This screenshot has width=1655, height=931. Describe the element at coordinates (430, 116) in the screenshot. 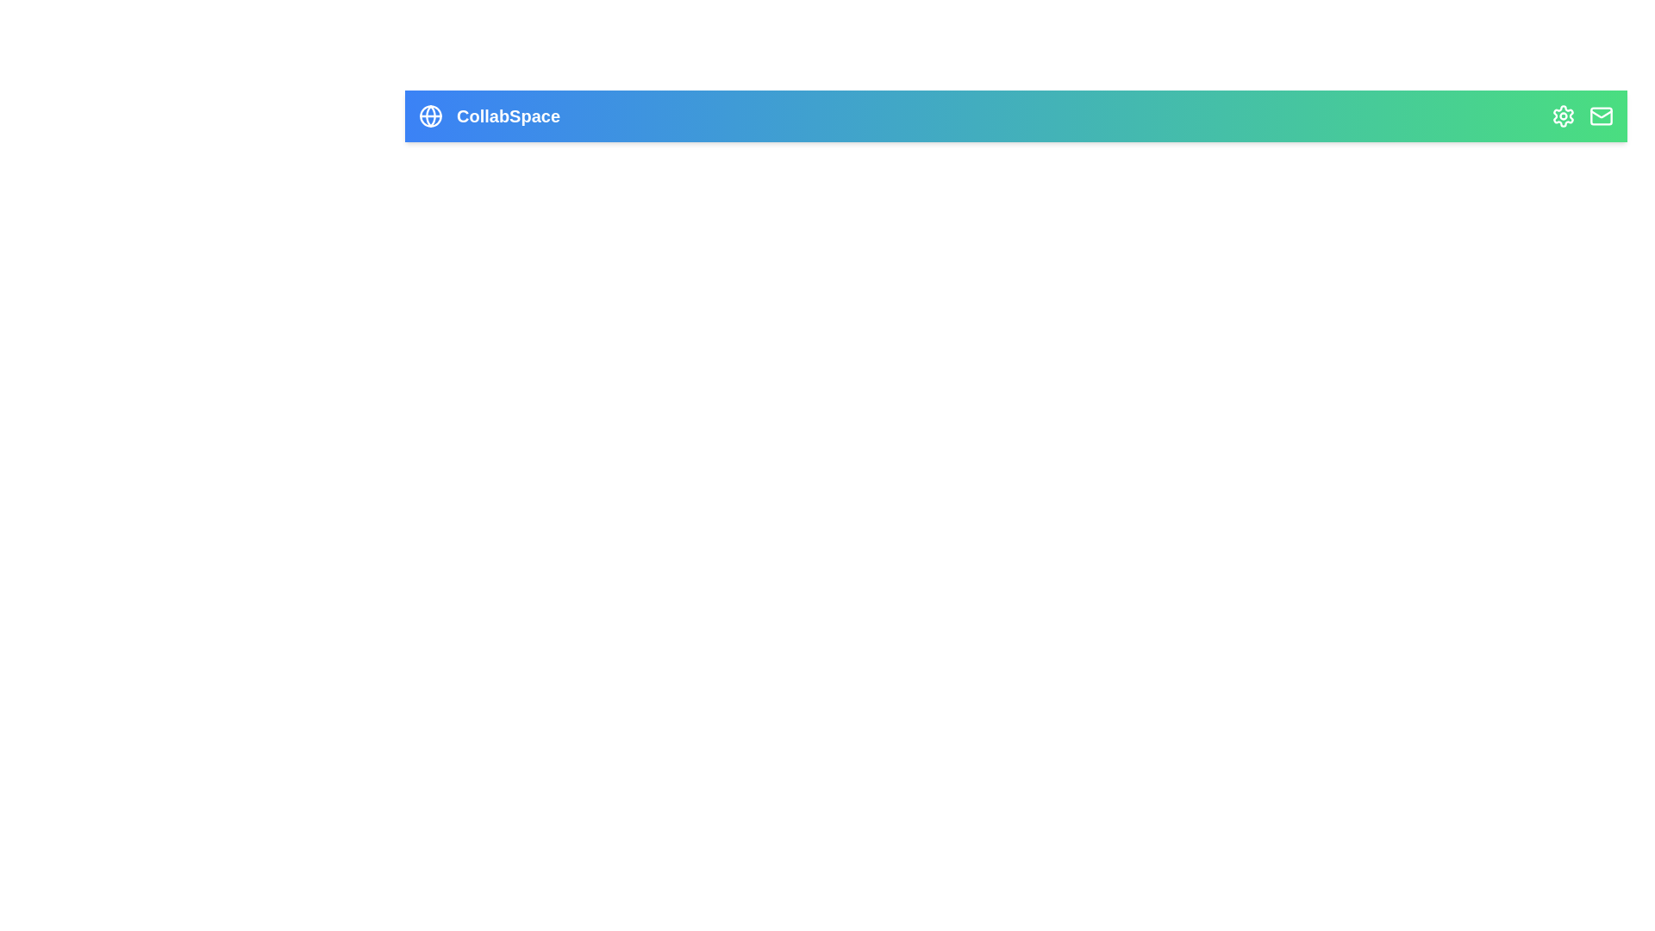

I see `the 'Globe' icon` at that location.